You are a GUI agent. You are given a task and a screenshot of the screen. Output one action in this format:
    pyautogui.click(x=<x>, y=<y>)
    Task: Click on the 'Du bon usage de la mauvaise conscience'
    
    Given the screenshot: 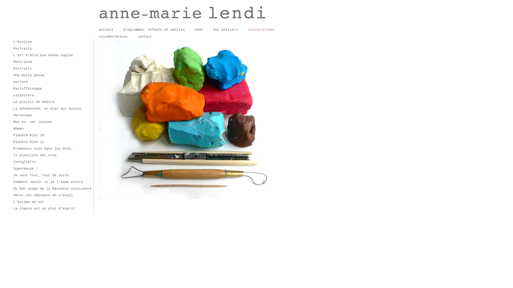 What is the action you would take?
    pyautogui.click(x=52, y=188)
    